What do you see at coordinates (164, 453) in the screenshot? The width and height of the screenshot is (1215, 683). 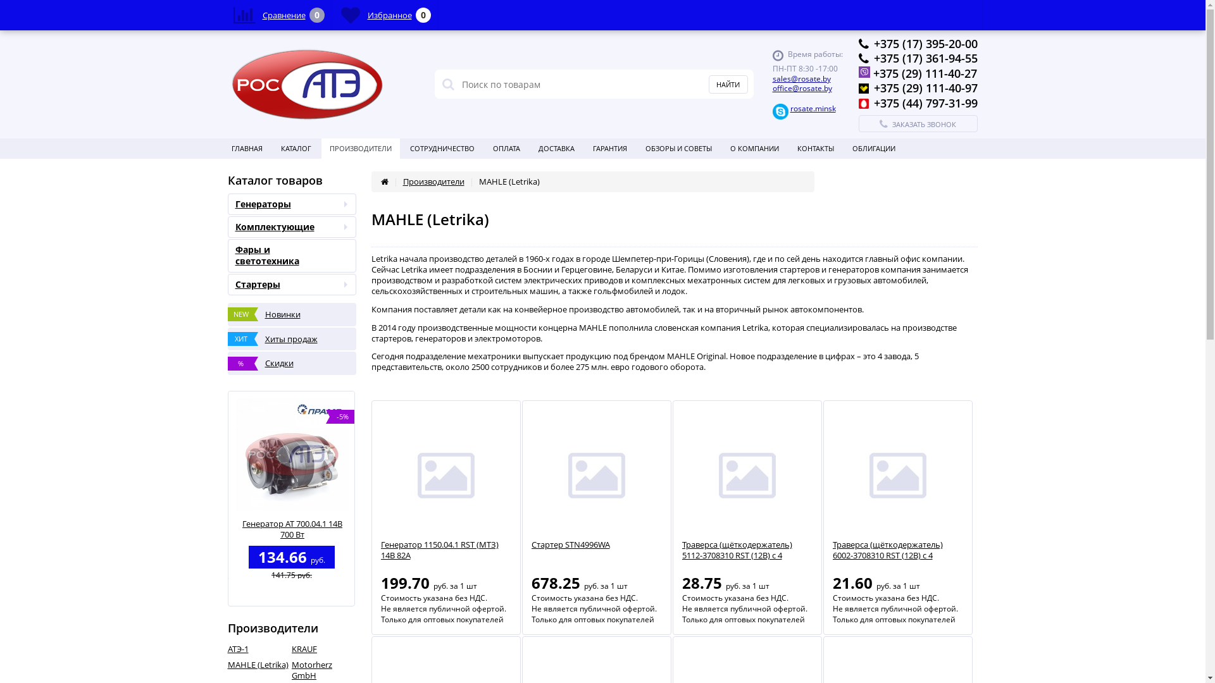 I see `'-5%'` at bounding box center [164, 453].